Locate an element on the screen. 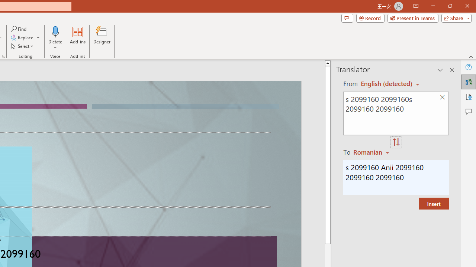 This screenshot has height=267, width=476. 'Czech' is located at coordinates (372, 152).